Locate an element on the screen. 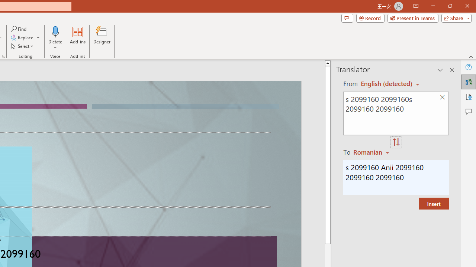 This screenshot has height=267, width=476. 'Czech' is located at coordinates (372, 152).